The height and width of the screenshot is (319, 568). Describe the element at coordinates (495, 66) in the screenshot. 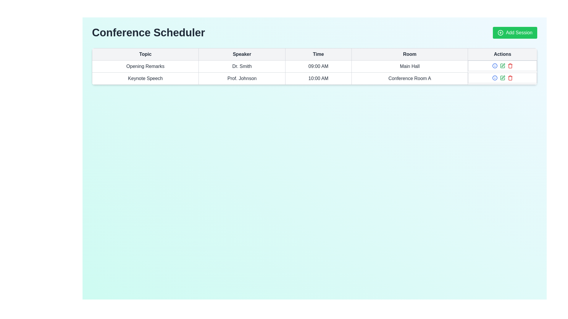

I see `the SVG circle component representing the 'info' icon in the 'Actions' section of the second row for the session 'Keynote Speech.'` at that location.